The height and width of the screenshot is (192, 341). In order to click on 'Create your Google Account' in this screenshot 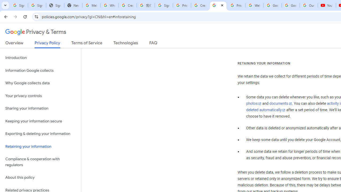, I will do `click(127, 5)`.